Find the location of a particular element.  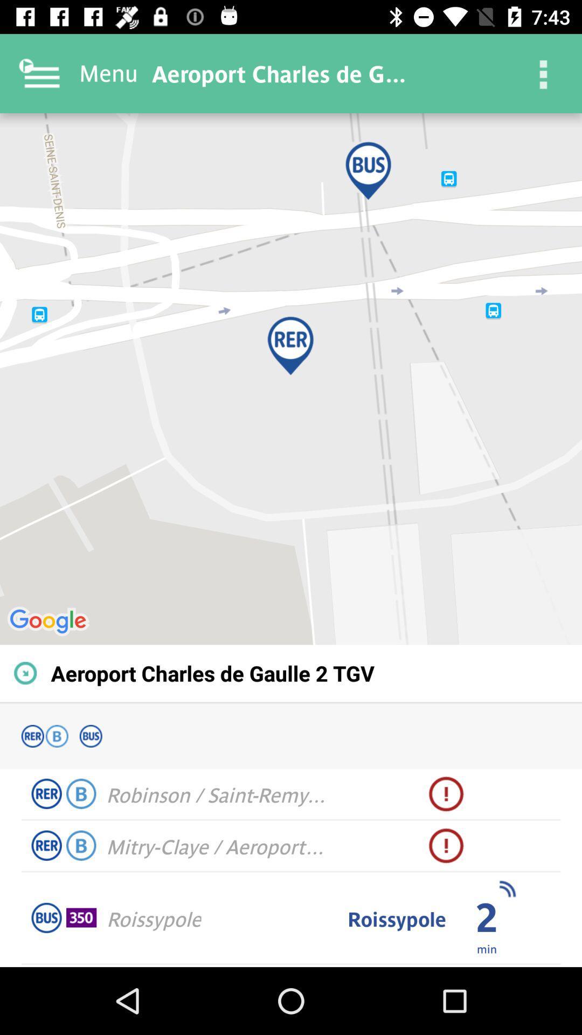

the item to the right of 2 is located at coordinates (507, 889).